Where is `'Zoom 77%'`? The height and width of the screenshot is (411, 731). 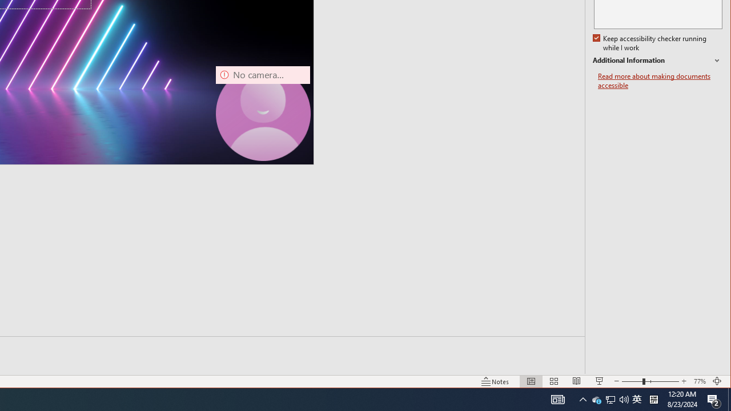
'Zoom 77%' is located at coordinates (699, 381).